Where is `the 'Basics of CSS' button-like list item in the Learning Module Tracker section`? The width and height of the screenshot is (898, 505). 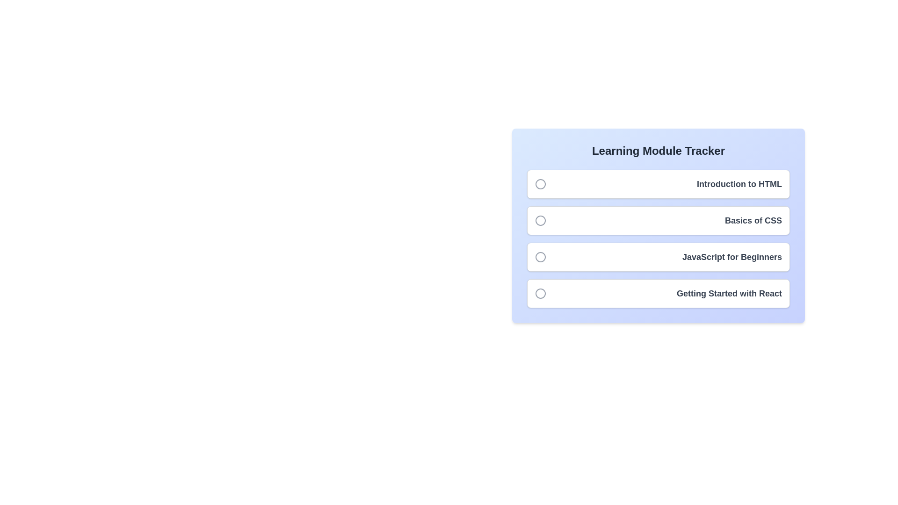 the 'Basics of CSS' button-like list item in the Learning Module Tracker section is located at coordinates (658, 220).